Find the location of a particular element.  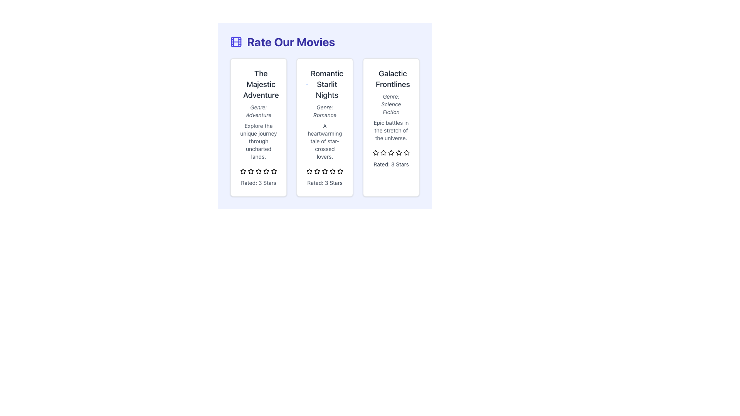

the second star icon (SVG) in the row of five stars under the 'Romantic Starlit Nights' heading for interaction is located at coordinates (309, 171).